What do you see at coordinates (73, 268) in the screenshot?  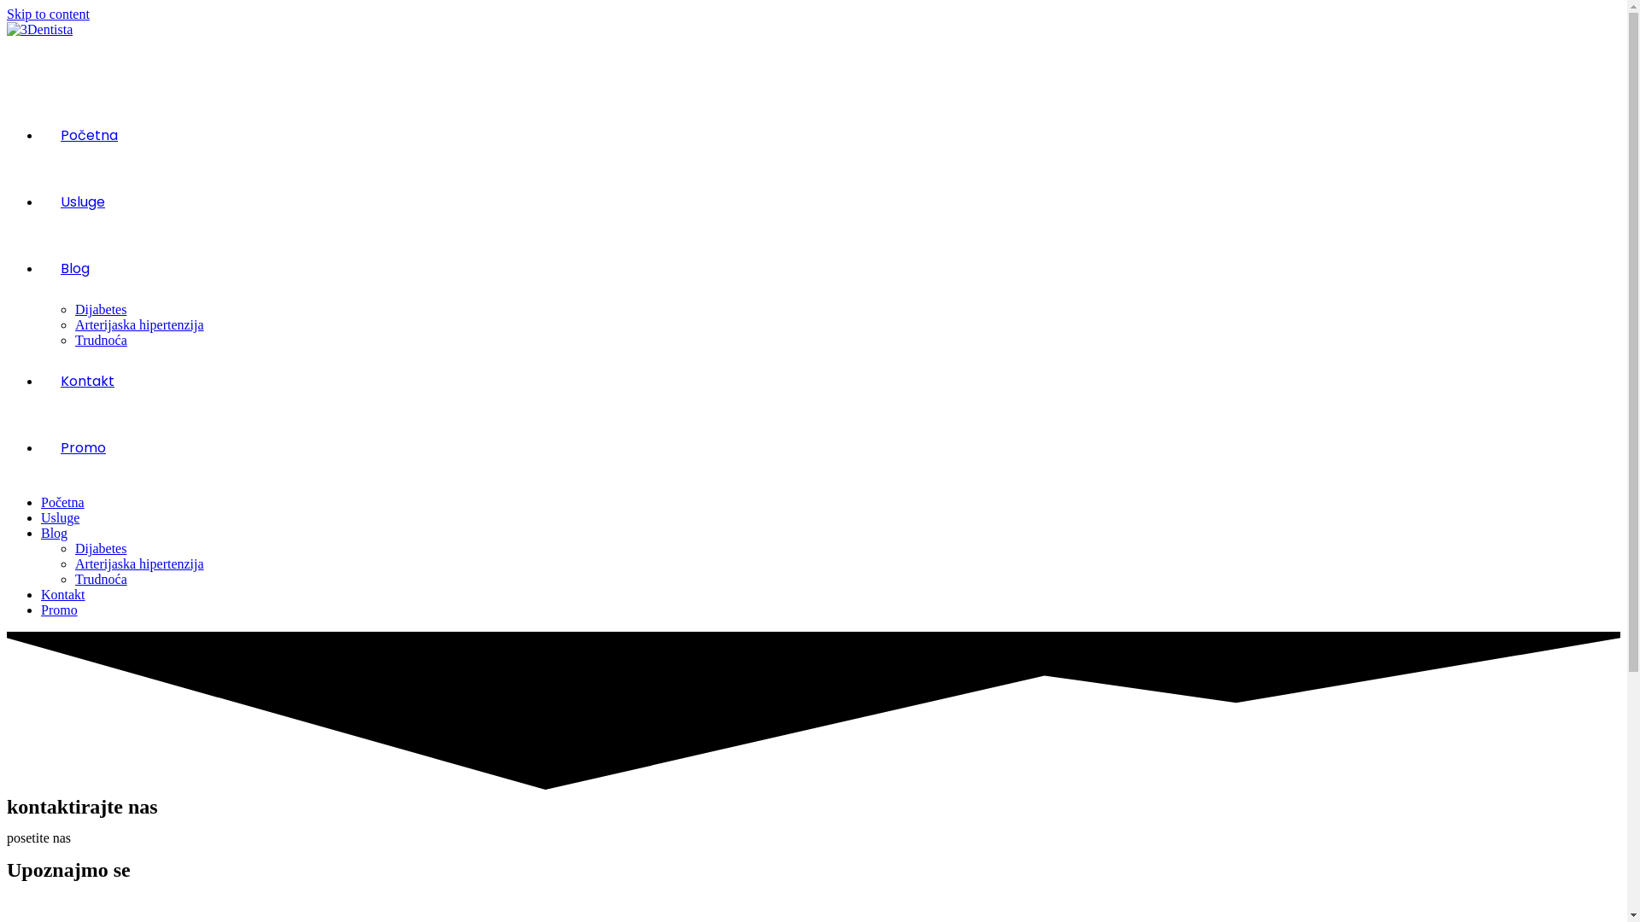 I see `'Blog'` at bounding box center [73, 268].